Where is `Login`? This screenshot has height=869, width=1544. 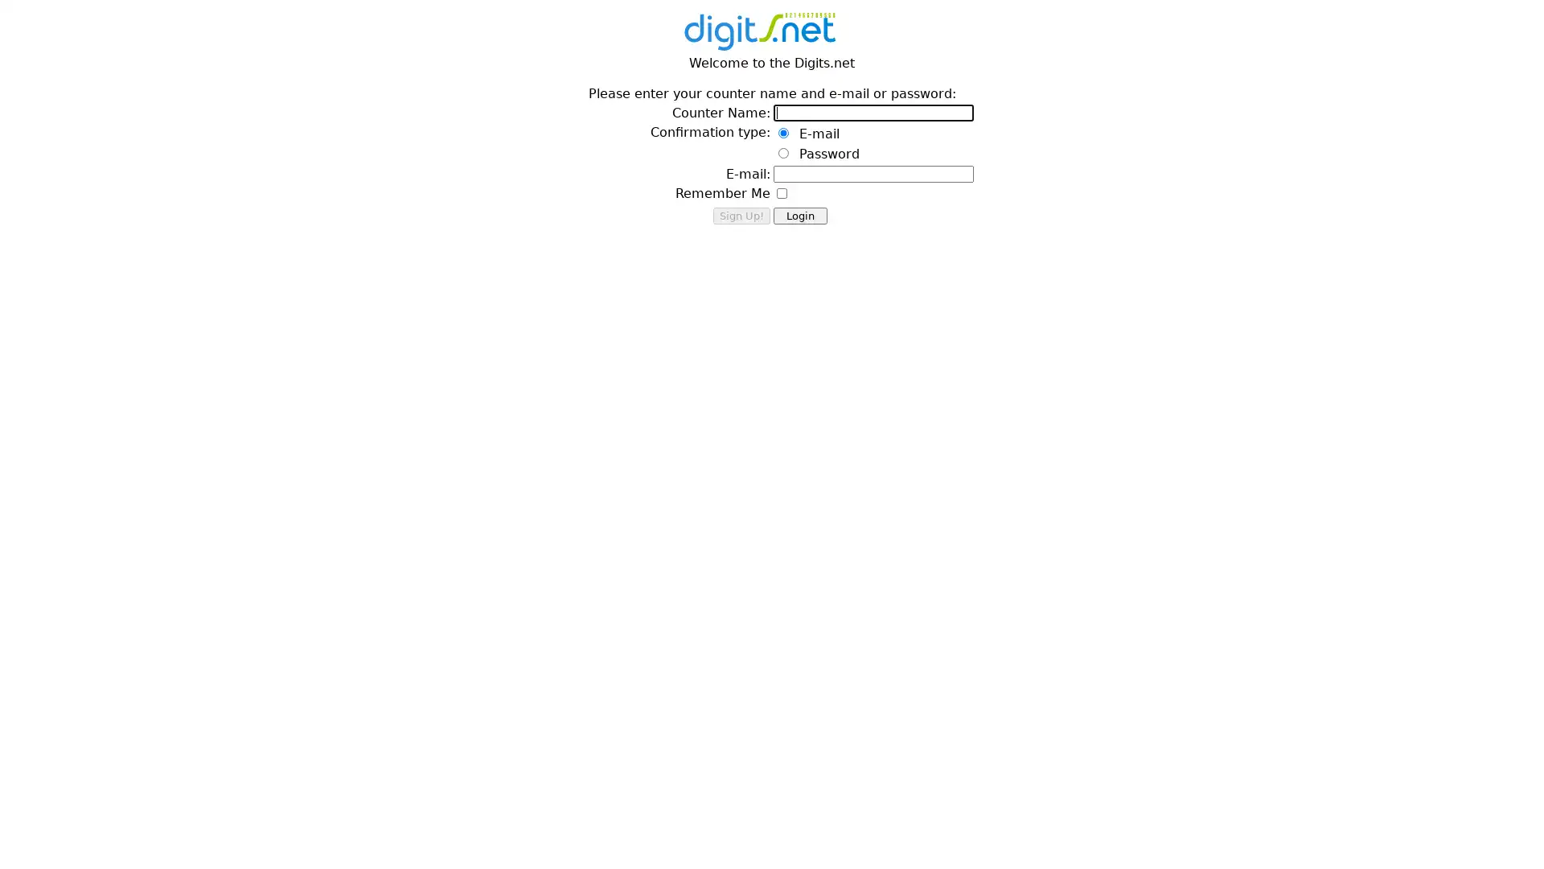 Login is located at coordinates (800, 215).